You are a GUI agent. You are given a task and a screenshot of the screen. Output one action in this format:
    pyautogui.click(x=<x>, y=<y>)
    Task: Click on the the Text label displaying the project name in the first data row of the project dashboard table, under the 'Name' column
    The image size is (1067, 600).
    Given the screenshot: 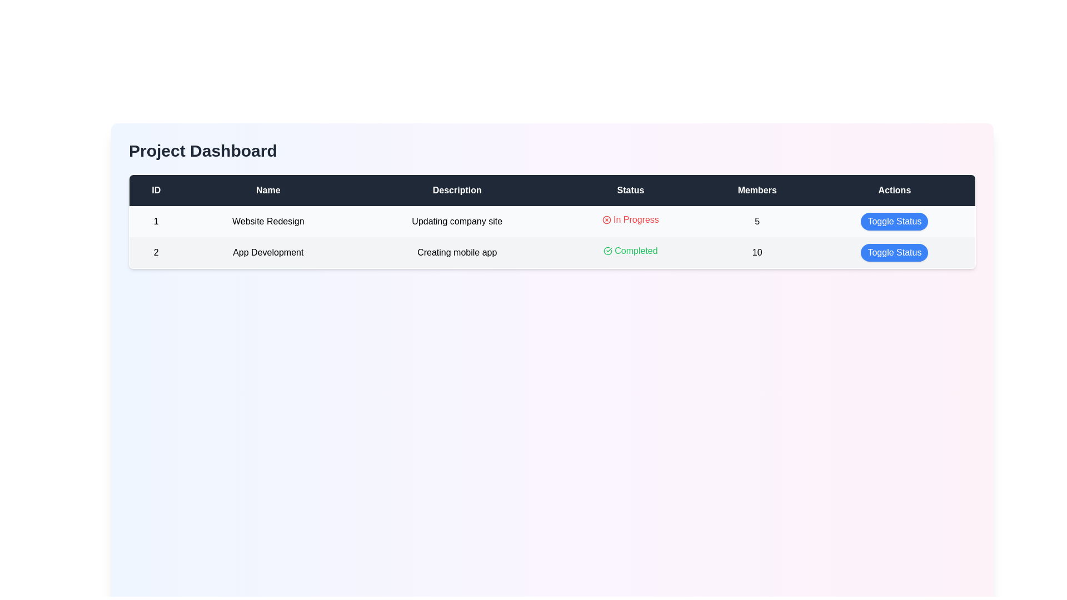 What is the action you would take?
    pyautogui.click(x=268, y=221)
    